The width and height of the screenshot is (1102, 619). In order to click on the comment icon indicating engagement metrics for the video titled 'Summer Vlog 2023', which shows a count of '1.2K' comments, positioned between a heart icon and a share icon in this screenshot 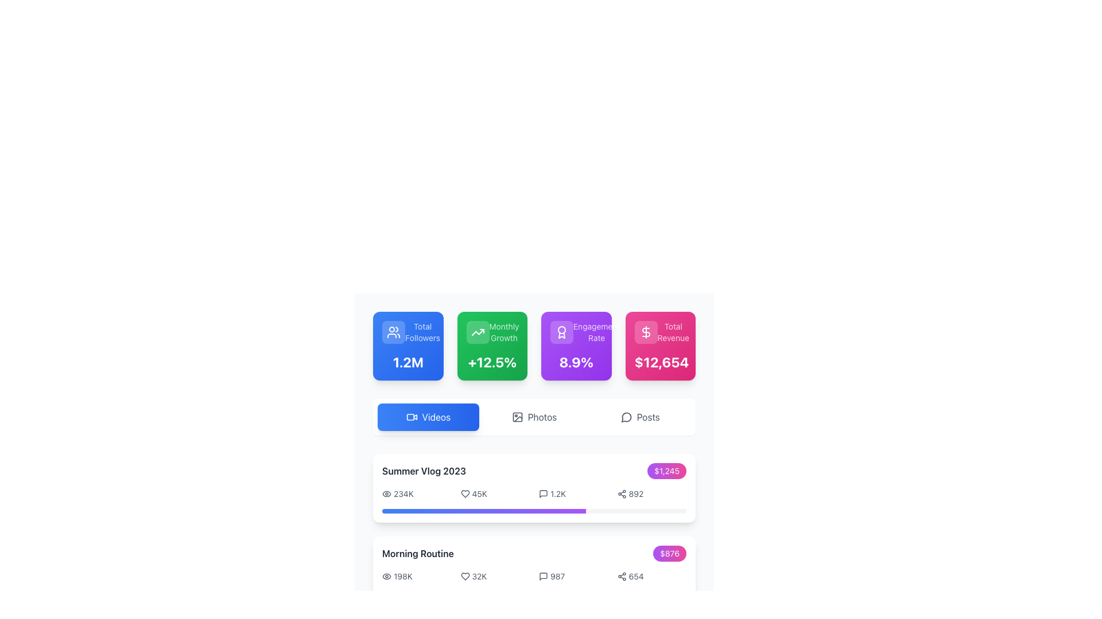, I will do `click(542, 493)`.